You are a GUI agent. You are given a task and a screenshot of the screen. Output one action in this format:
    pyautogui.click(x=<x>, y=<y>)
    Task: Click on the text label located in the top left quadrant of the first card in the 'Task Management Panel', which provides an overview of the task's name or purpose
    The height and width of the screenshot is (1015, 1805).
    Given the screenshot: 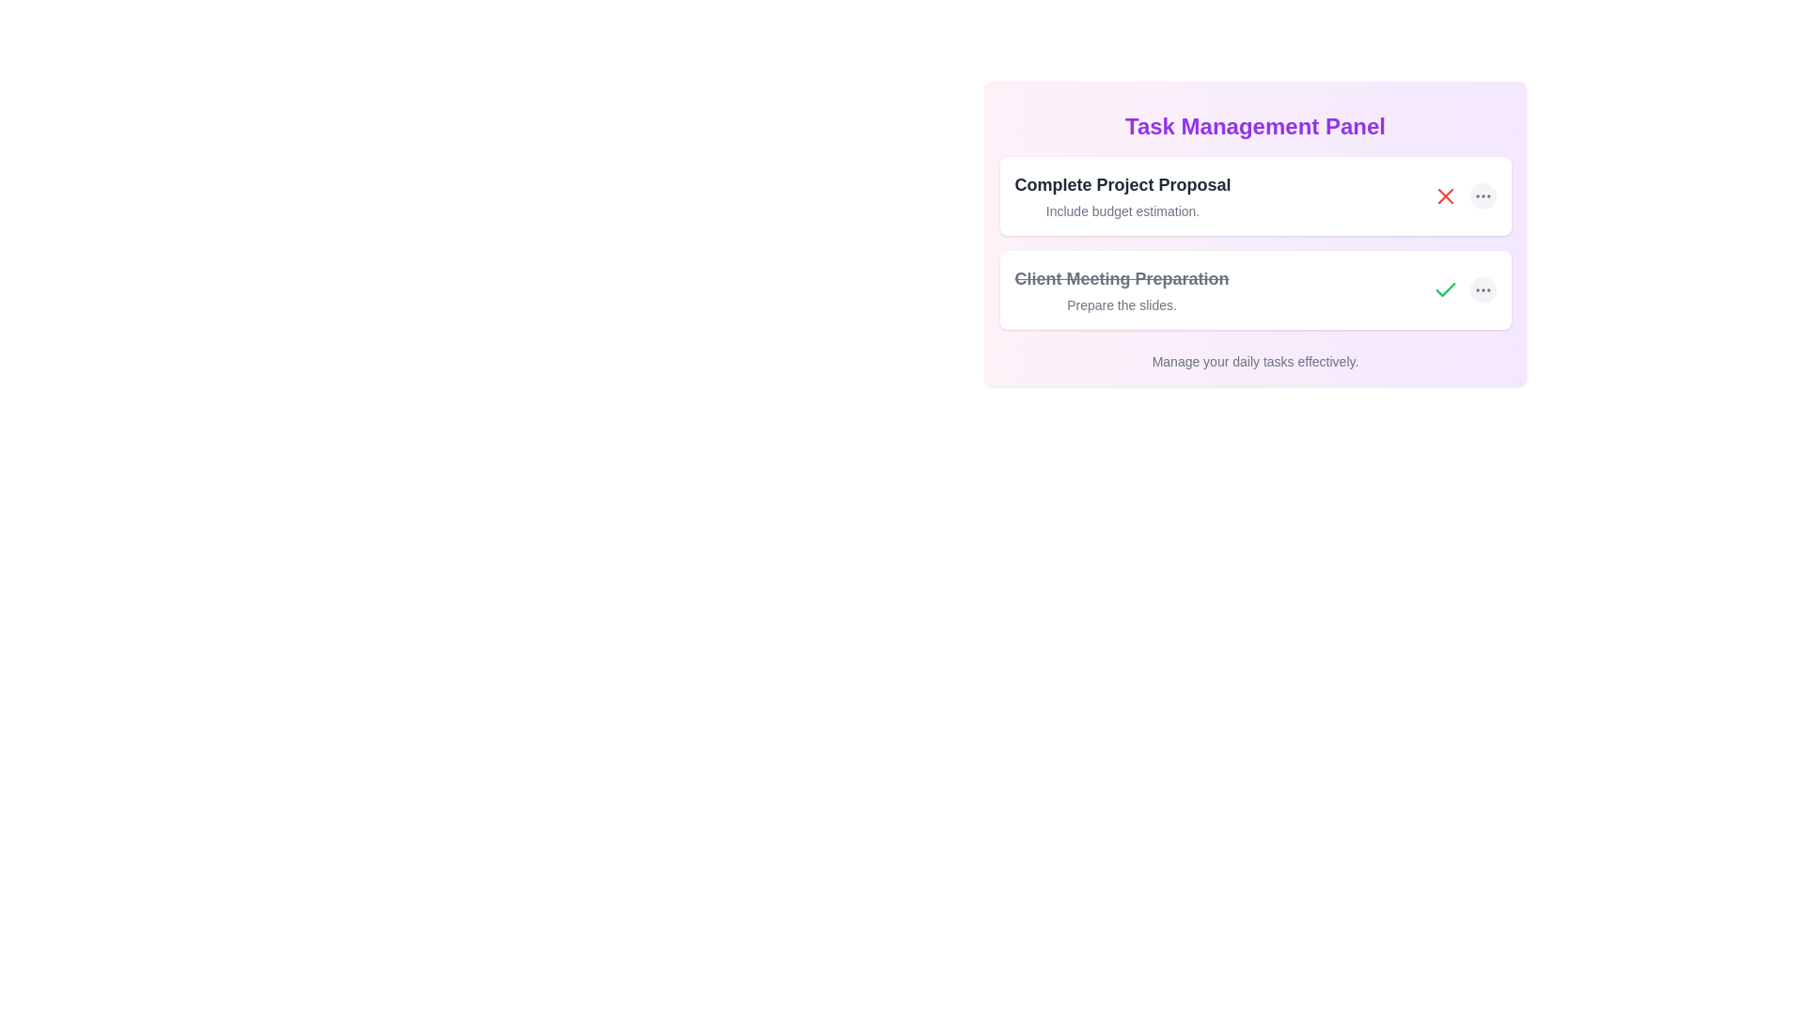 What is the action you would take?
    pyautogui.click(x=1122, y=184)
    